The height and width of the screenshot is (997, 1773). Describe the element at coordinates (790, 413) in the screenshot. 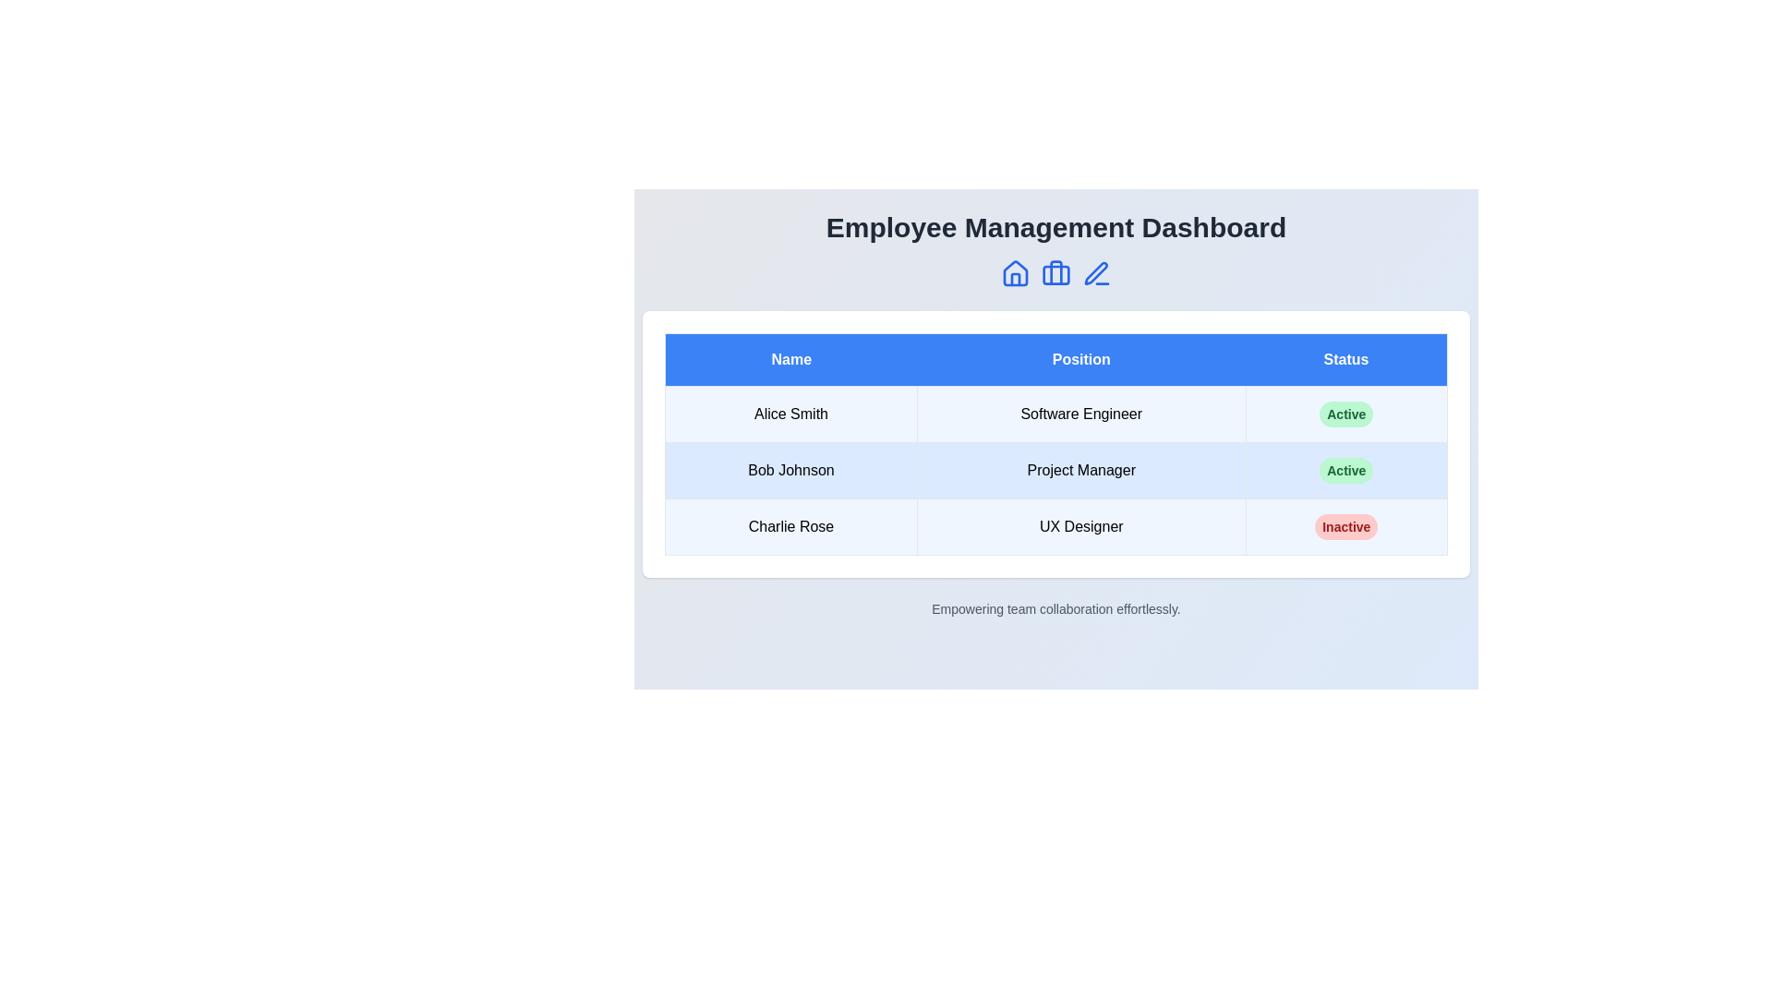

I see `the first Text label in the 'Name' column of the employee data table` at that location.